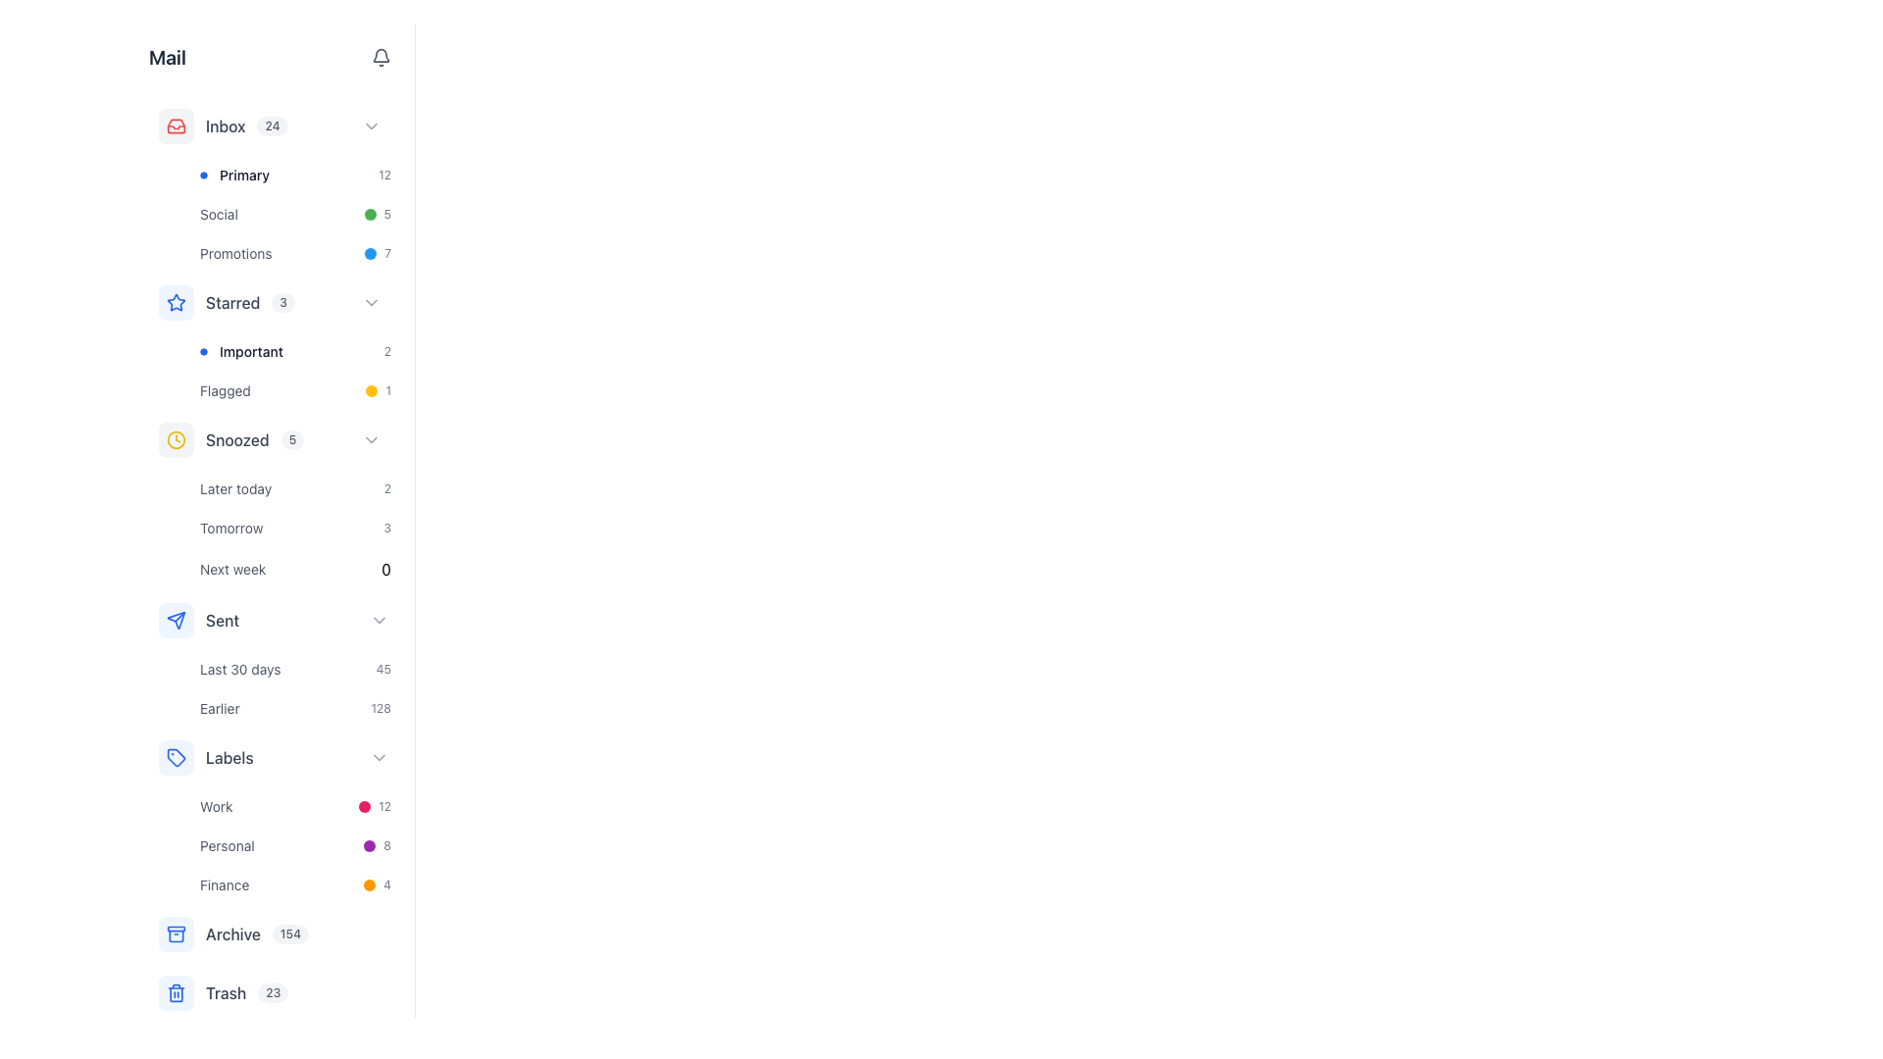  What do you see at coordinates (177, 126) in the screenshot?
I see `the area surrounding the red outlined inbox icon in the navigation menu to interact with the 'Inbox' category` at bounding box center [177, 126].